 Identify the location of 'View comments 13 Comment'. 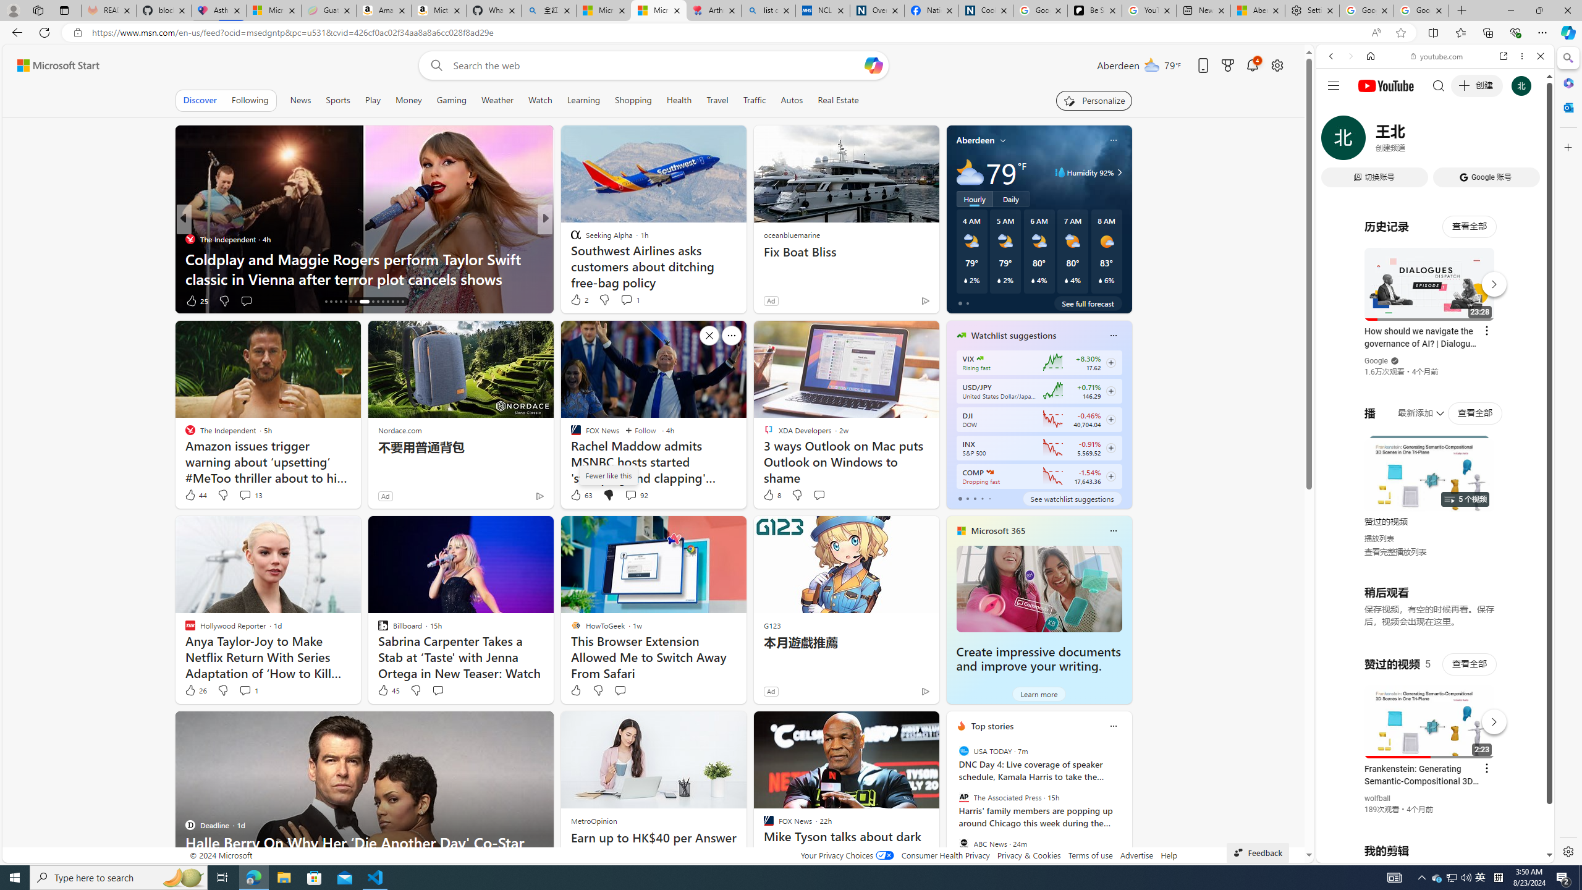
(244, 494).